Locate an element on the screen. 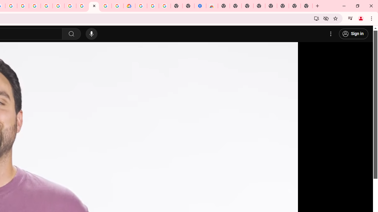 This screenshot has height=212, width=378. 'Control your music, videos, and more' is located at coordinates (350, 18).